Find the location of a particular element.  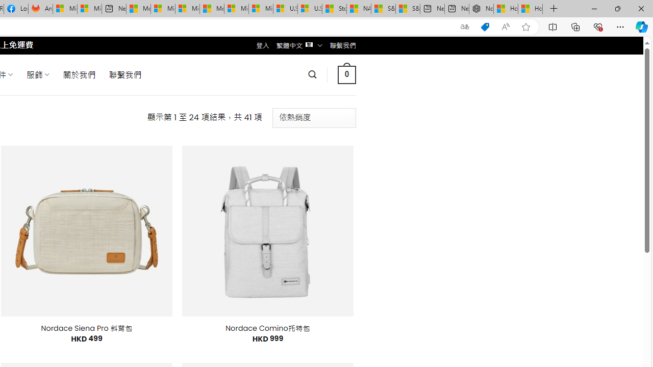

'S&P 500, Nasdaq end lower, weighed by Nvidia dip | Watch' is located at coordinates (407, 9).